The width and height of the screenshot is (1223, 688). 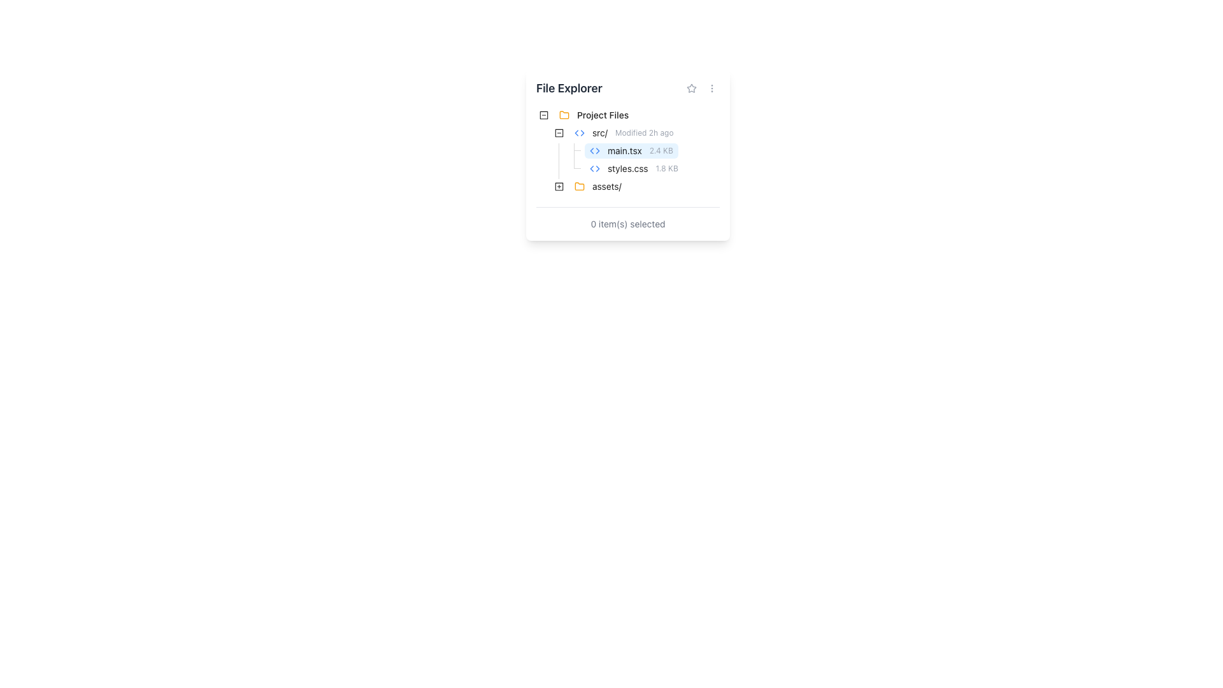 What do you see at coordinates (559, 187) in the screenshot?
I see `the Tree toggle switch icon` at bounding box center [559, 187].